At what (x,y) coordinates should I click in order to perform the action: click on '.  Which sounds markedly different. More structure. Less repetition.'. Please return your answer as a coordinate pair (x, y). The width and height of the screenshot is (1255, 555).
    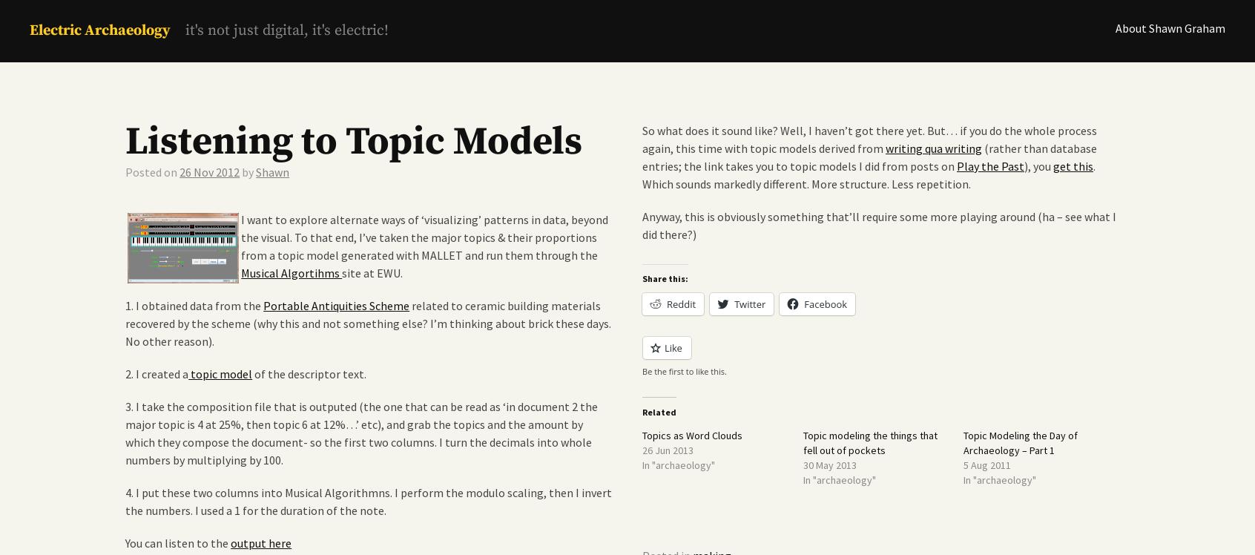
    Looking at the image, I should click on (869, 174).